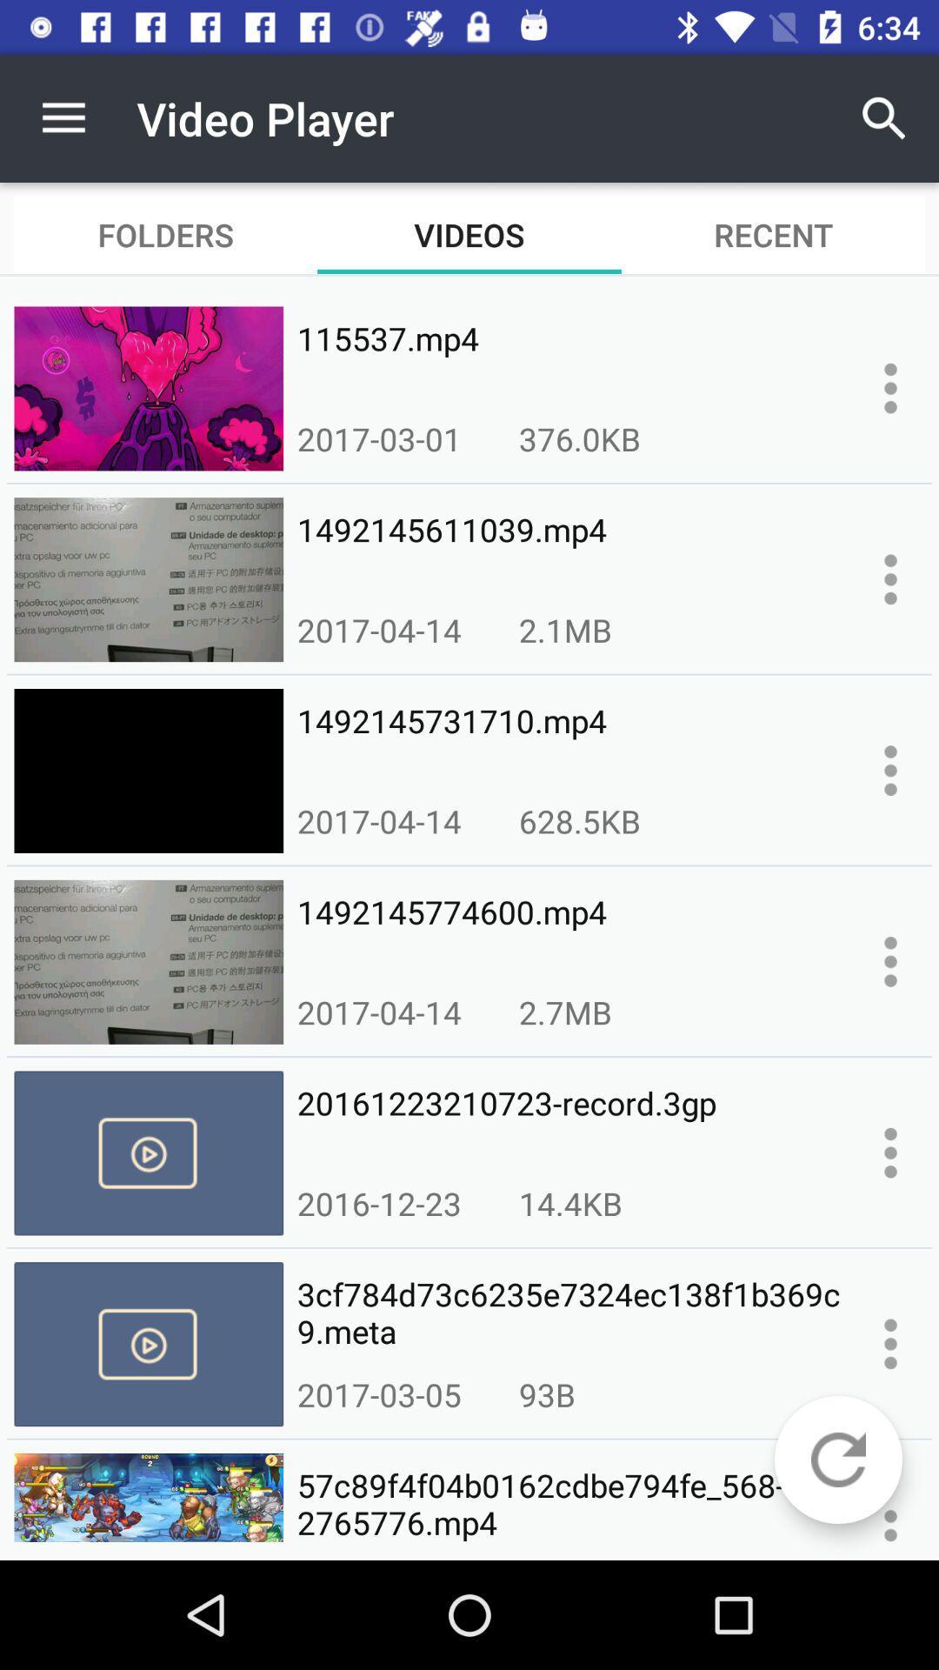 The width and height of the screenshot is (939, 1670). Describe the element at coordinates (890, 1343) in the screenshot. I see `more information` at that location.